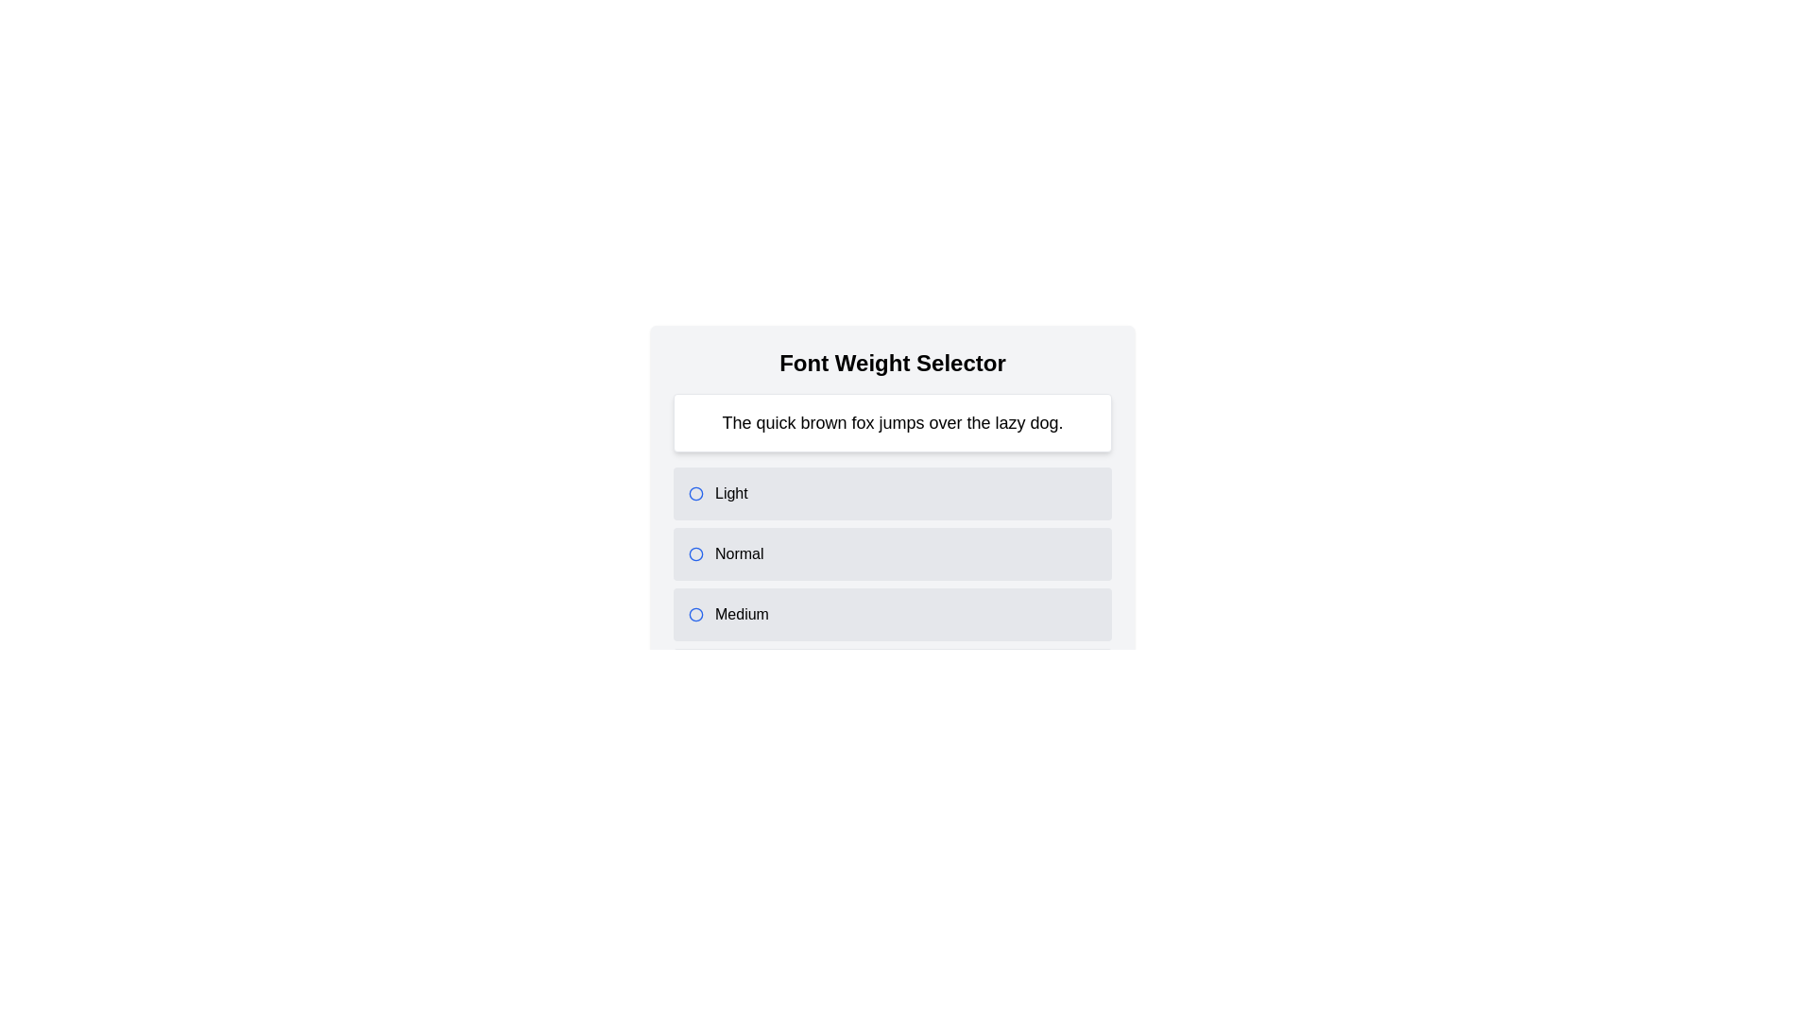  I want to click on the 'Normal' font weight radio button indicator, so click(695, 552).